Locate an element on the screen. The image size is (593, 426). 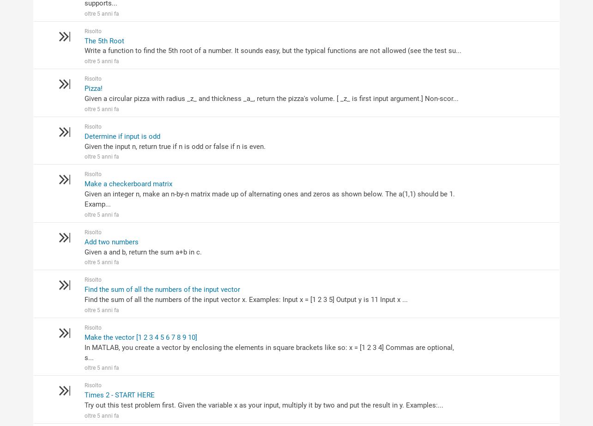
'Given the input n, return true if n is odd or false if n is even.' is located at coordinates (175, 146).